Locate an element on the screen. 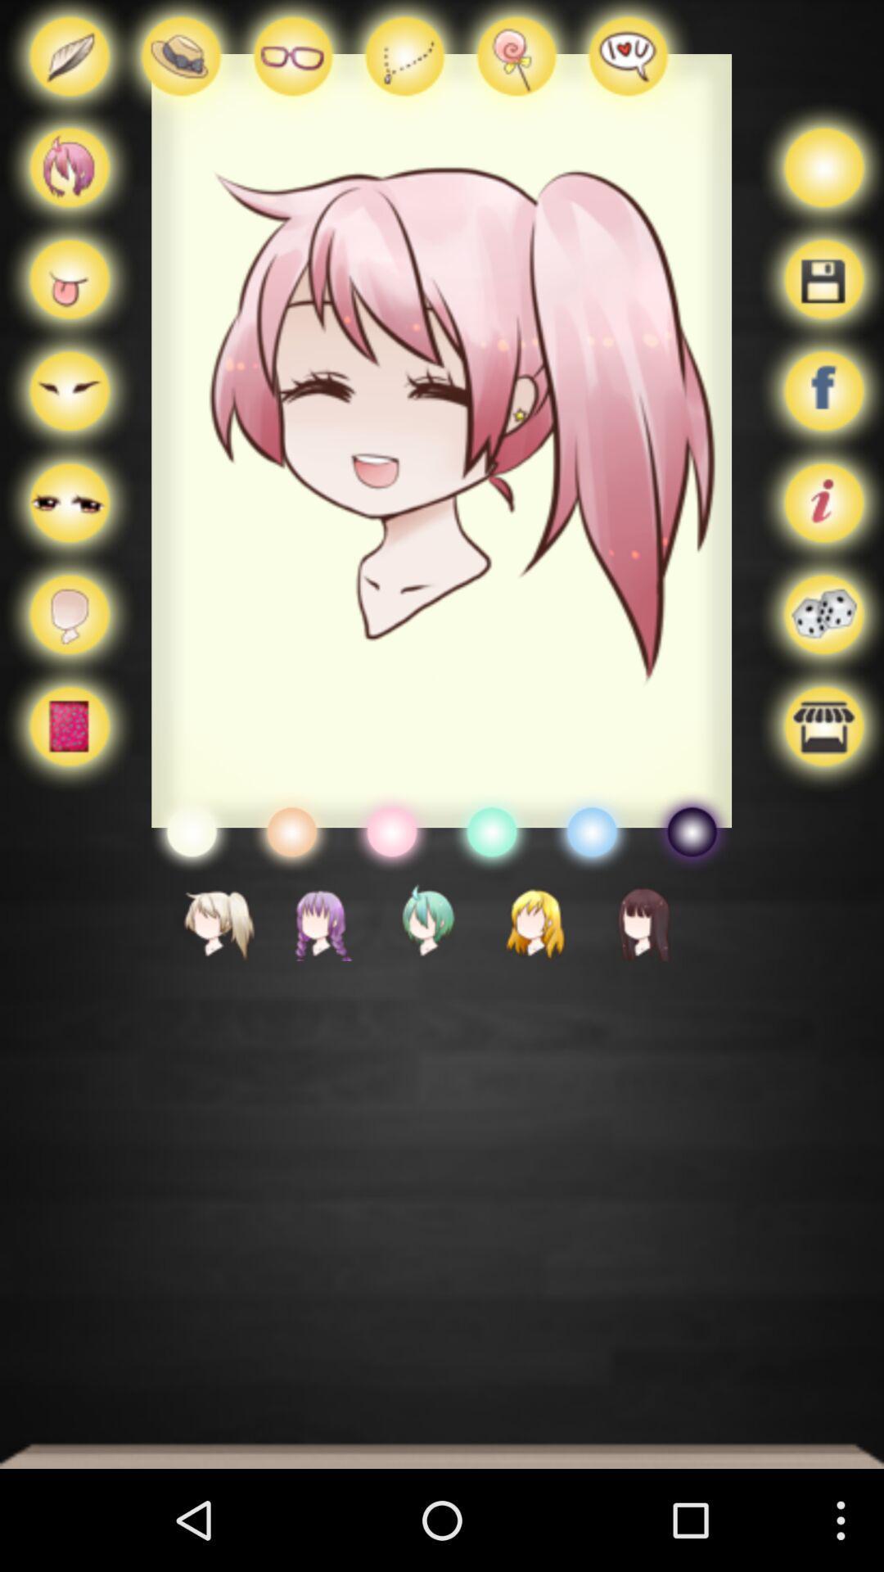  the emoji icon is located at coordinates (490, 889).